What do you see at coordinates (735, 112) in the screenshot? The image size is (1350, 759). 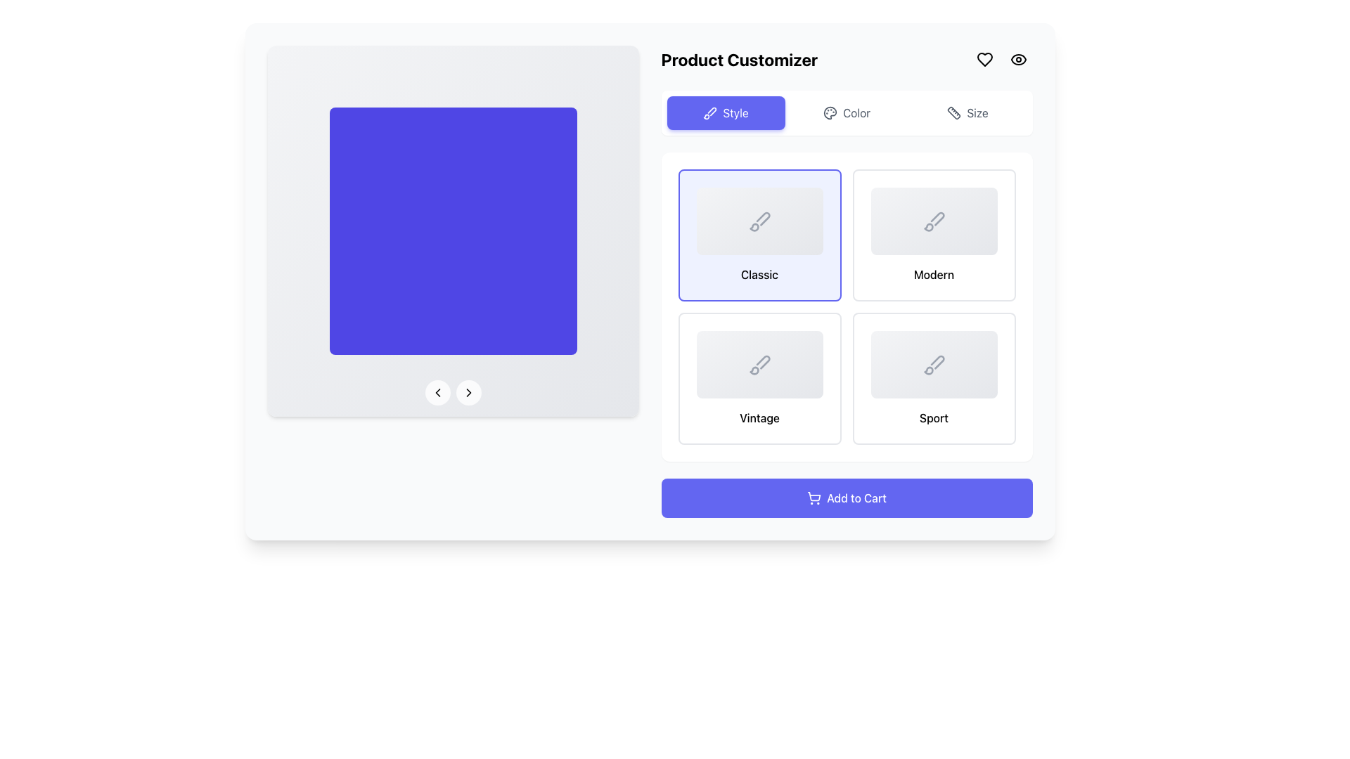 I see `the 'Style' button in the navigation section of the Product Customizer interface` at bounding box center [735, 112].